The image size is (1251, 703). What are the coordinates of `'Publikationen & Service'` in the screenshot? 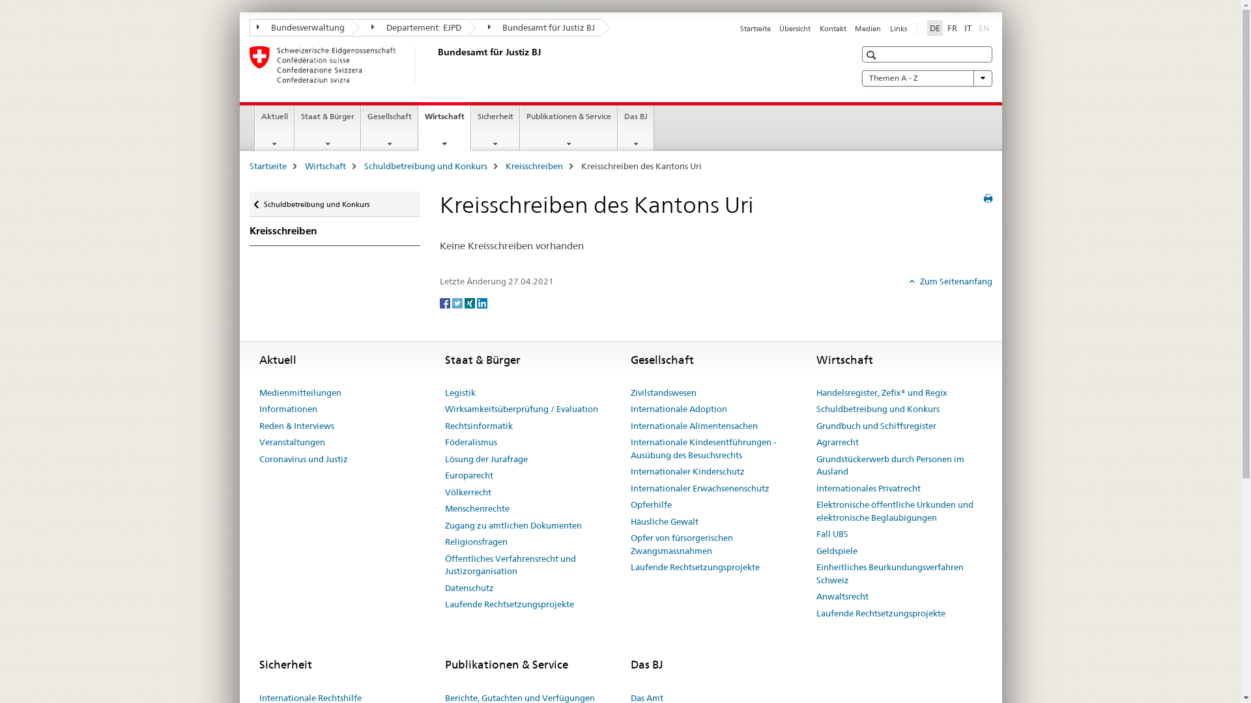 It's located at (569, 128).